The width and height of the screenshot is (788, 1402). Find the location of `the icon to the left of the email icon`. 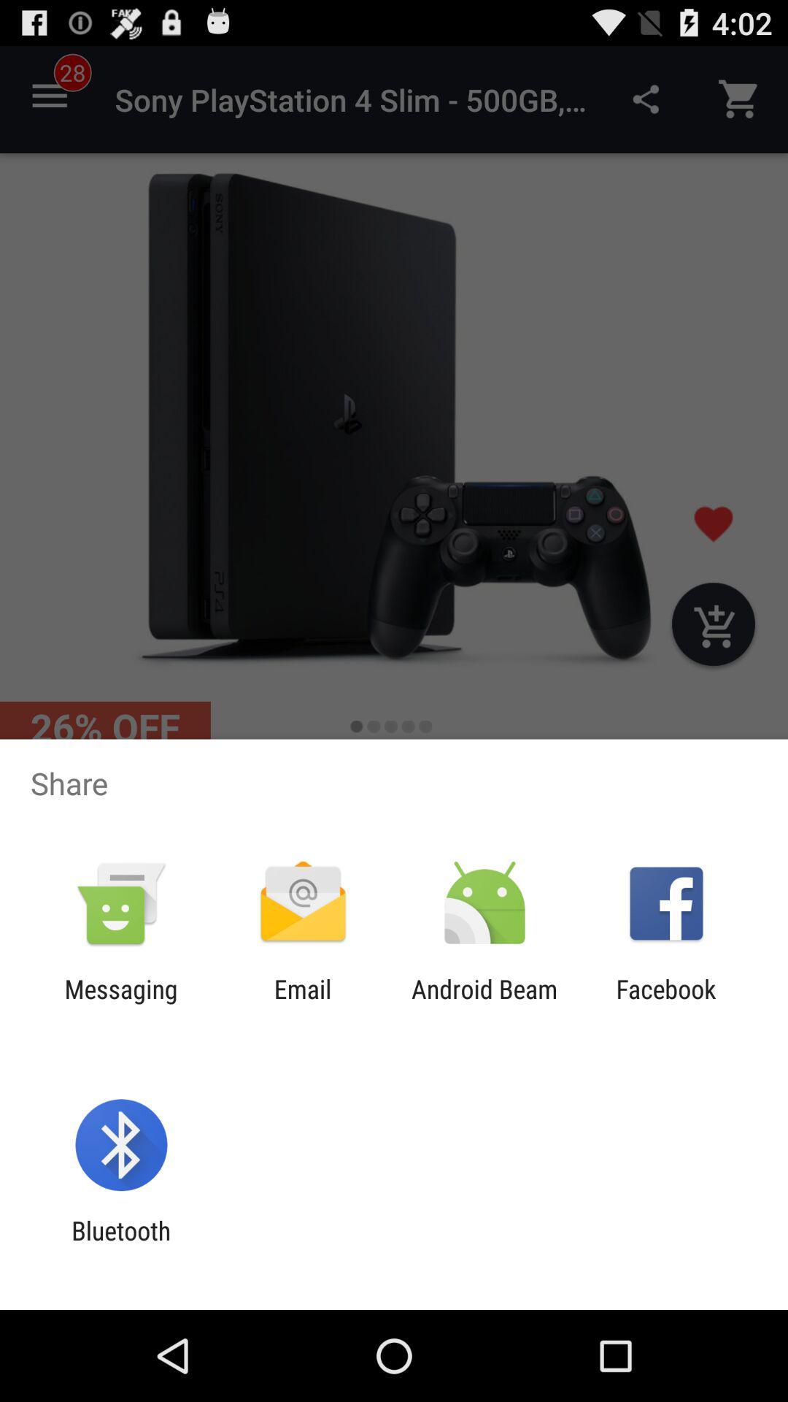

the icon to the left of the email icon is located at coordinates (120, 1003).